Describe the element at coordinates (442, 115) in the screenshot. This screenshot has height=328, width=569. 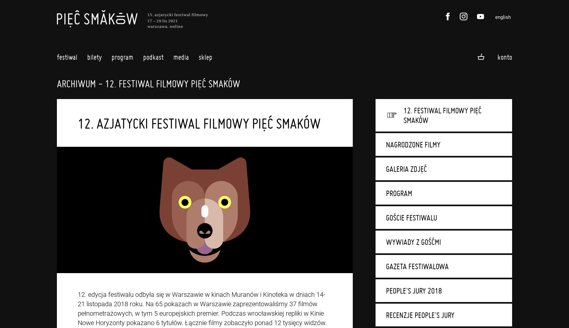
I see `'12. Festiwal Filmowy Pięć Smaków'` at that location.